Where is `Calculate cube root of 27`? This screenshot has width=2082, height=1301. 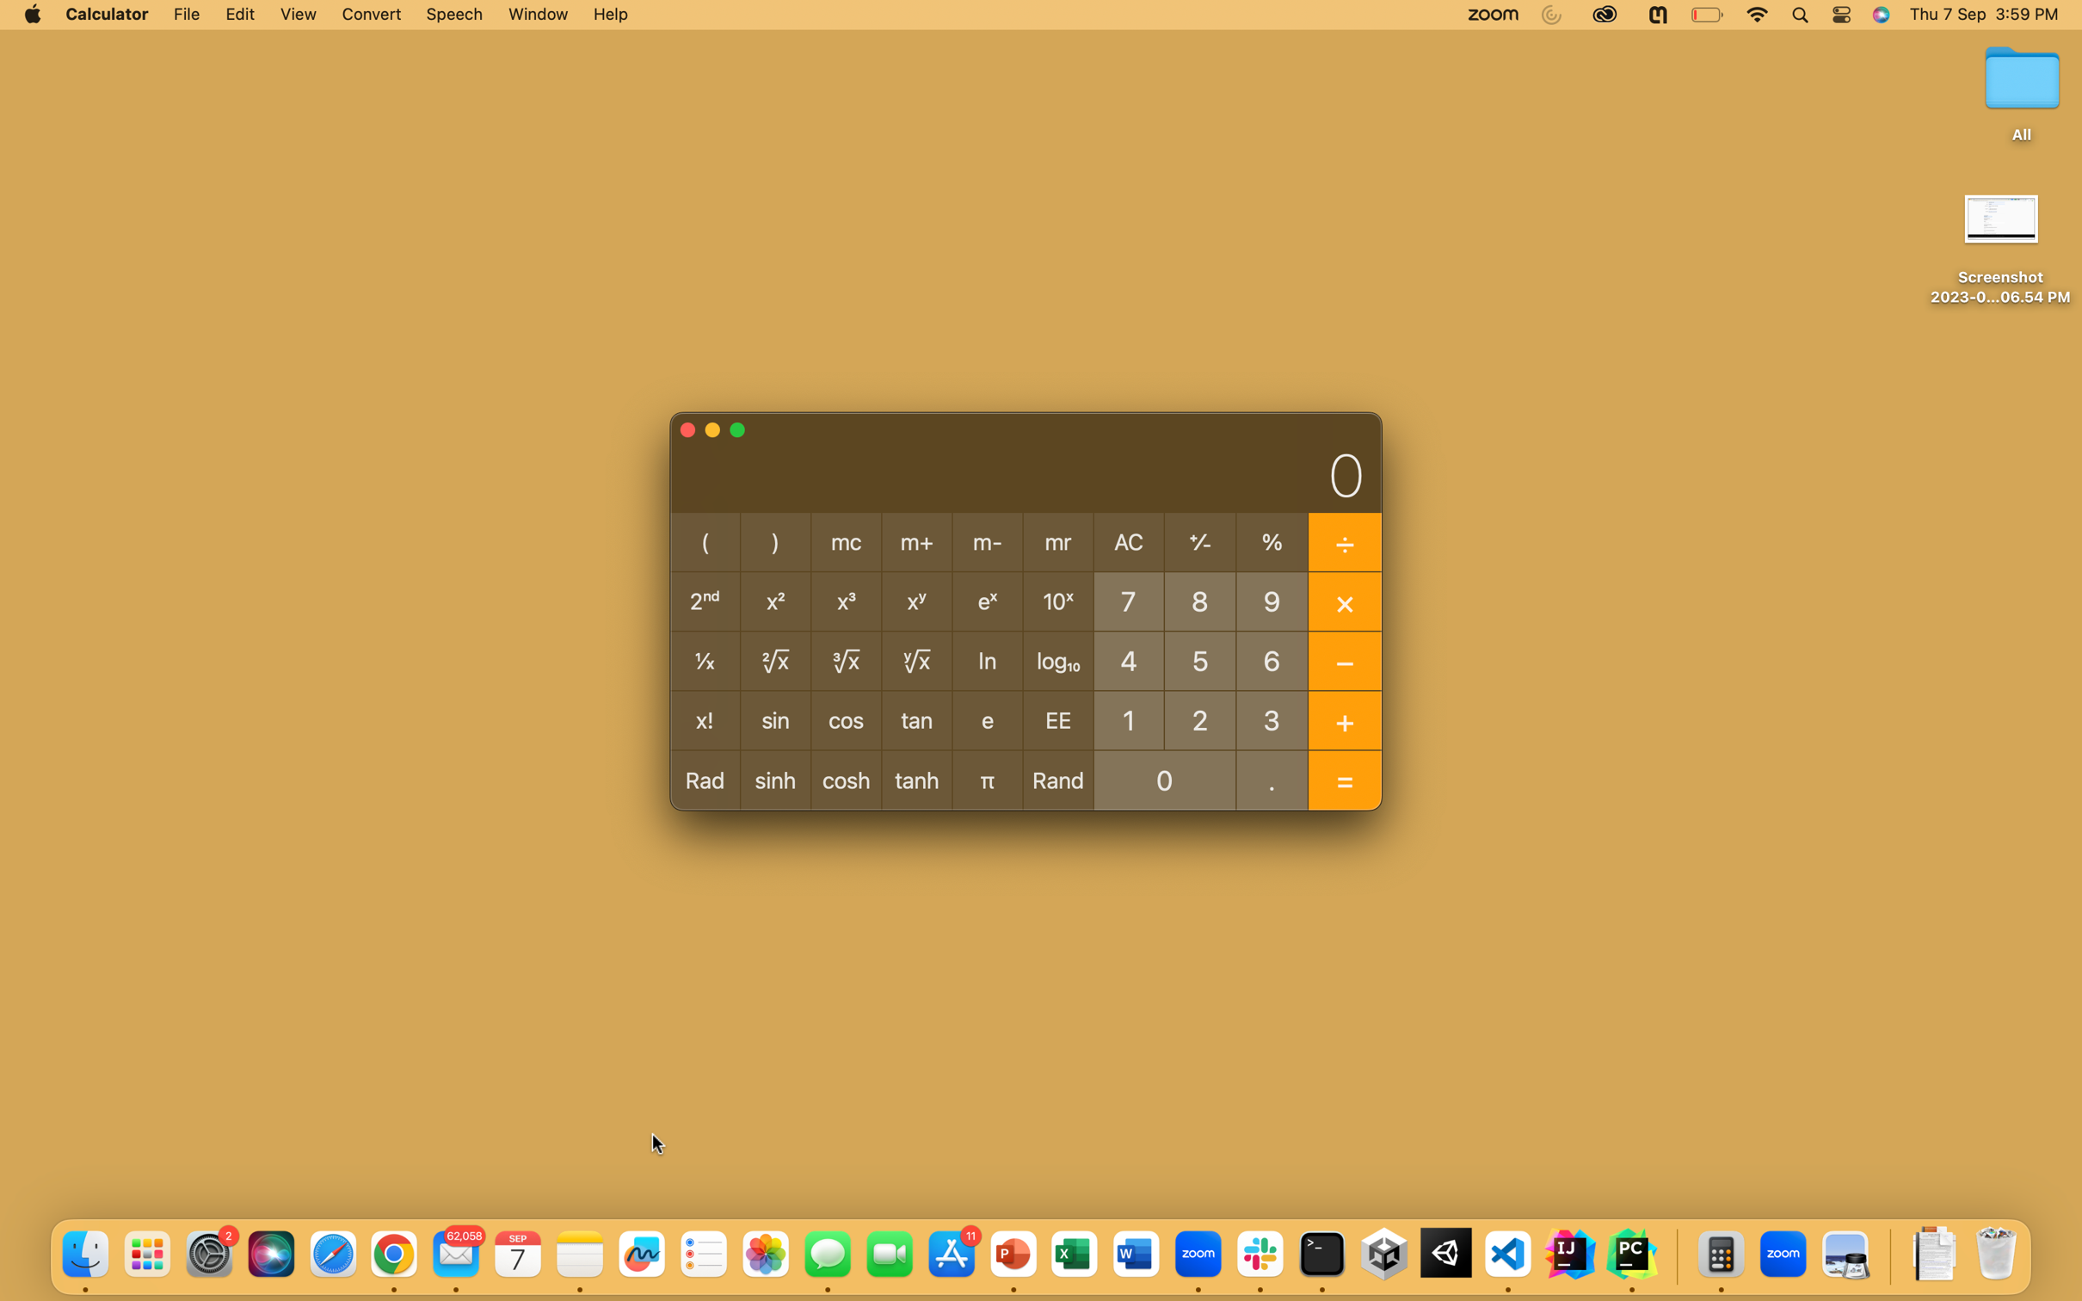
Calculate cube root of 27 is located at coordinates (1199, 718).